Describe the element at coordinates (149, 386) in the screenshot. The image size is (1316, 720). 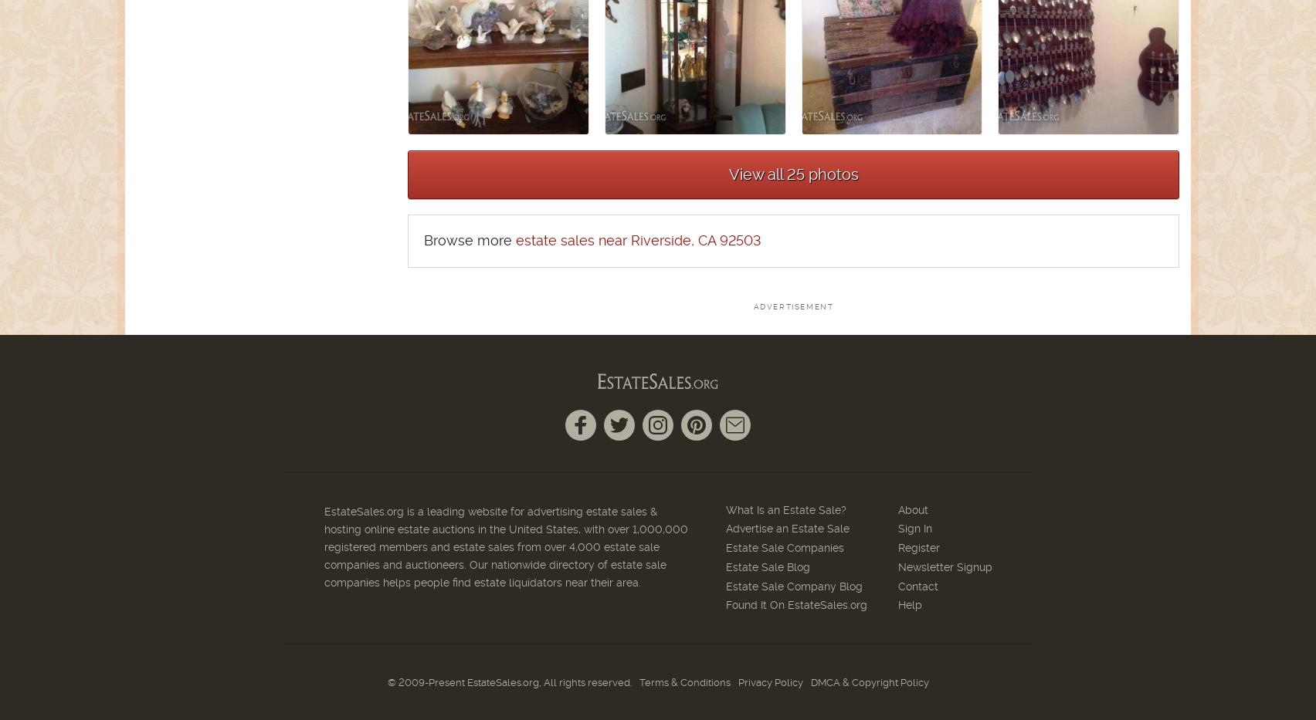
I see `'·         Collection of salt and peppers'` at that location.